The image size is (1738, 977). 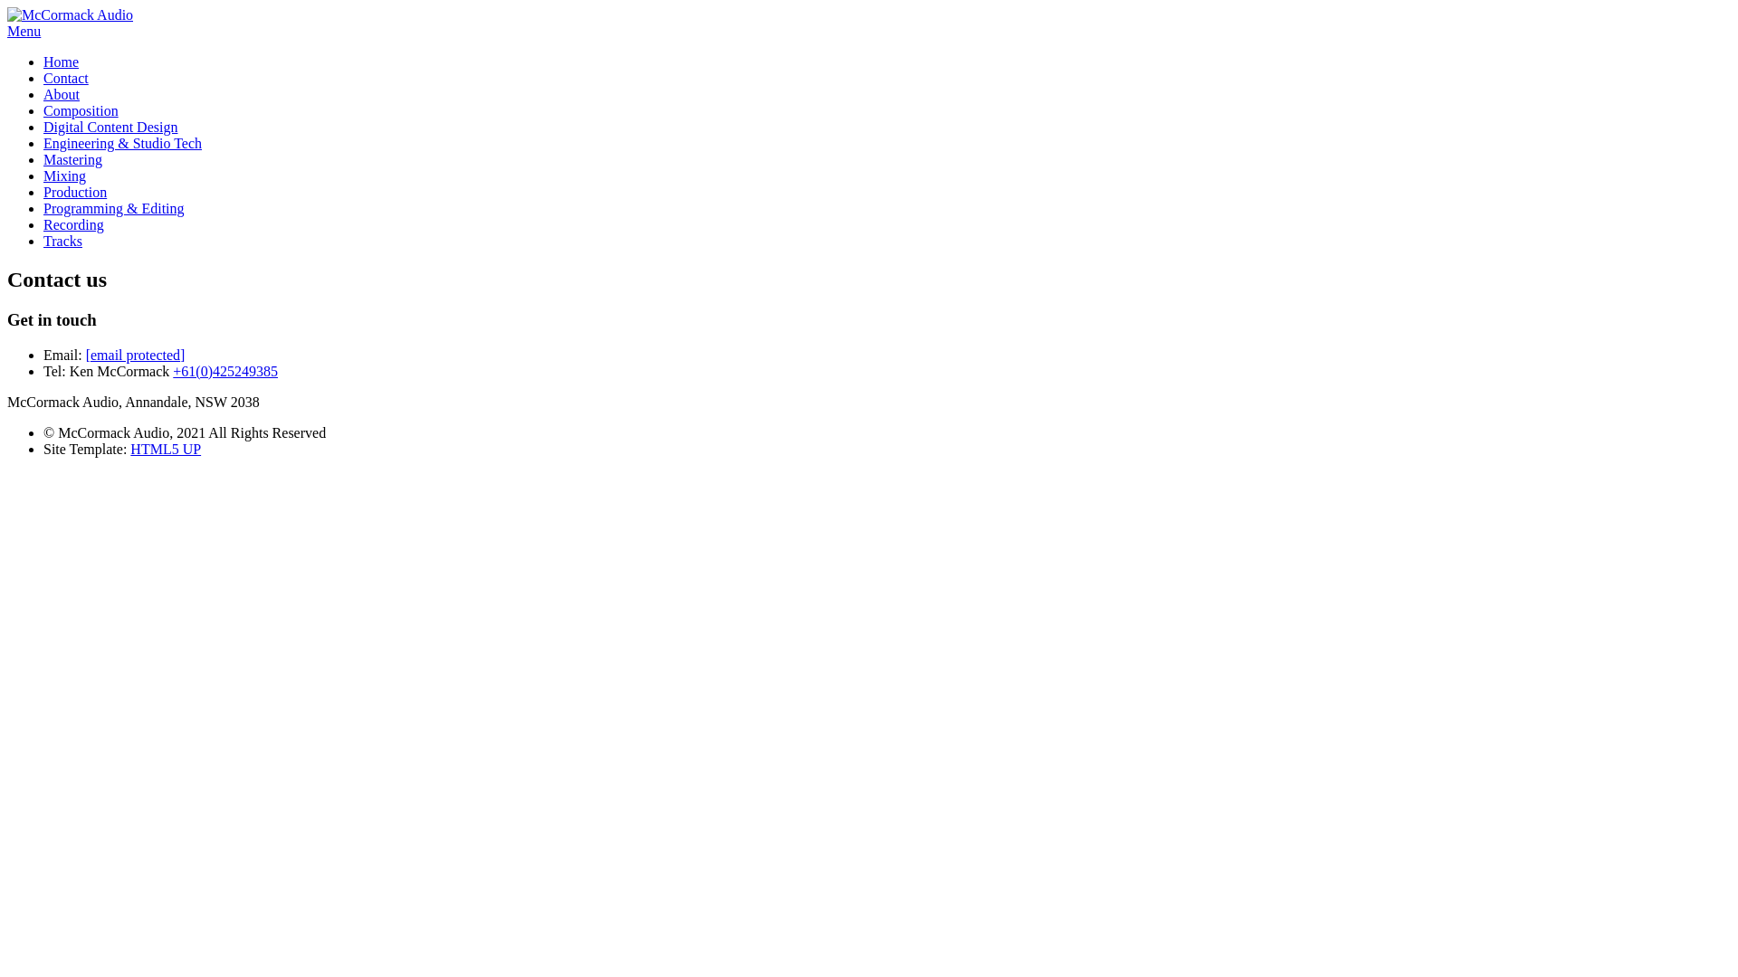 I want to click on 'Programming & Editing', so click(x=112, y=207).